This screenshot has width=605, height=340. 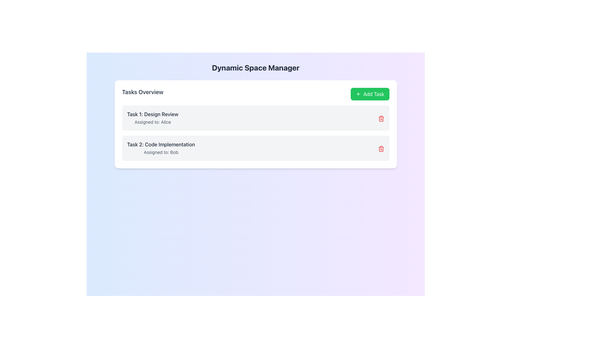 What do you see at coordinates (256, 133) in the screenshot?
I see `a task in the List of Items located in the 'Tasks Overview' section of the application interface for more options` at bounding box center [256, 133].